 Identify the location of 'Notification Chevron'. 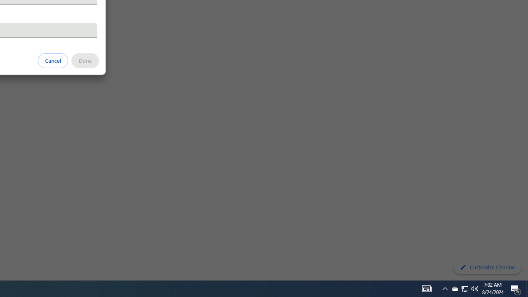
(465, 288).